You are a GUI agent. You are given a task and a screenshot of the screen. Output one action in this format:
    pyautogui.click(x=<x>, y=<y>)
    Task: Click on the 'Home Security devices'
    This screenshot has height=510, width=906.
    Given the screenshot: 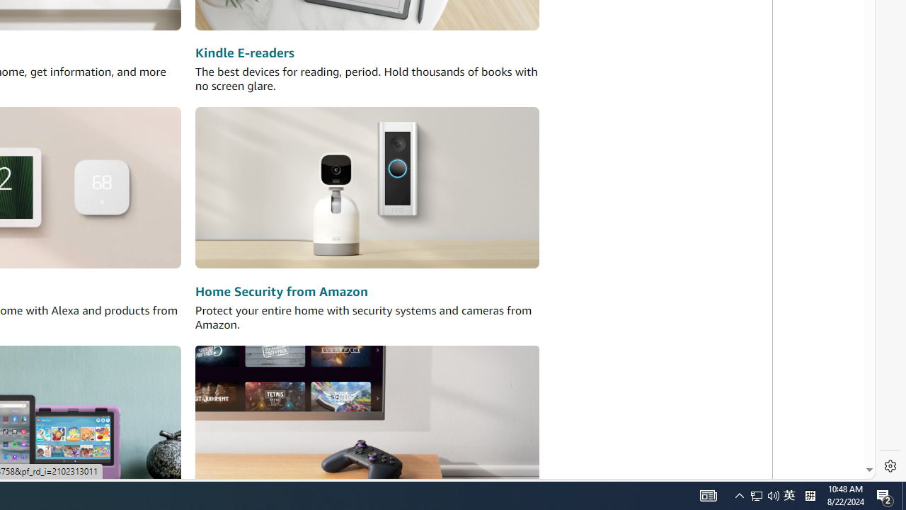 What is the action you would take?
    pyautogui.click(x=367, y=187)
    